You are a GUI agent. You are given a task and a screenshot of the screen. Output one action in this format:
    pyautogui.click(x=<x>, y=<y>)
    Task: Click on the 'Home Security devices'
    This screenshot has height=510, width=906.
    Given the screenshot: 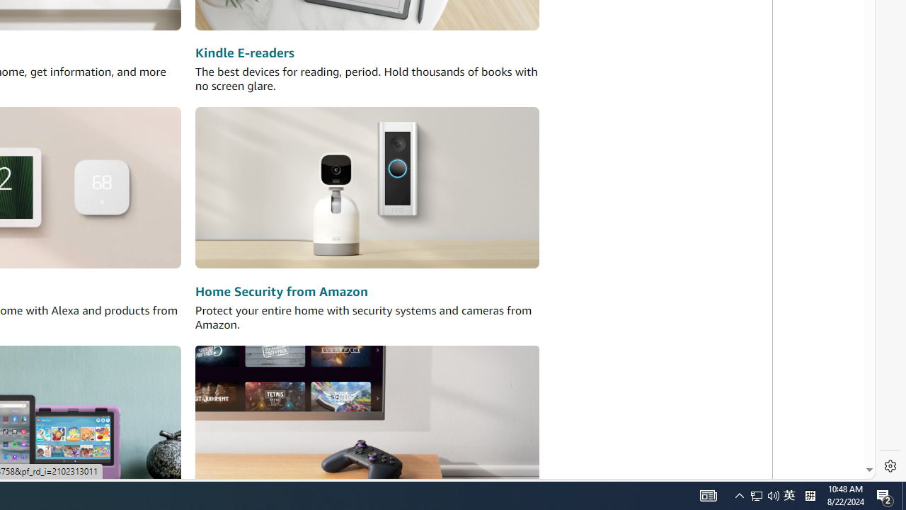 What is the action you would take?
    pyautogui.click(x=367, y=187)
    